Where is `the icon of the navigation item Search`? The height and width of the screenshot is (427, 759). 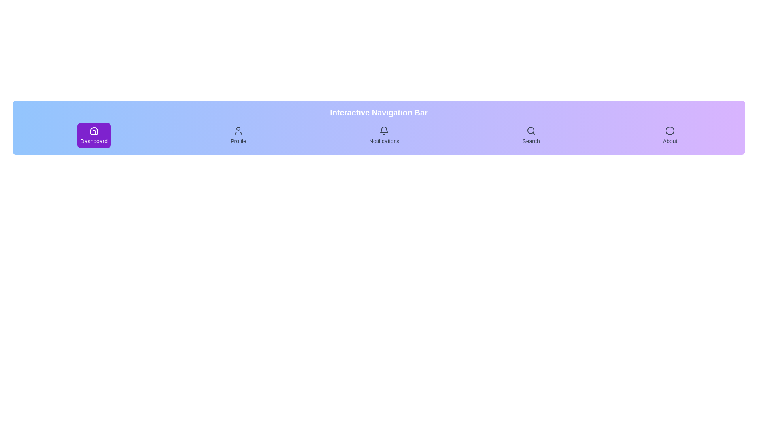 the icon of the navigation item Search is located at coordinates (531, 130).